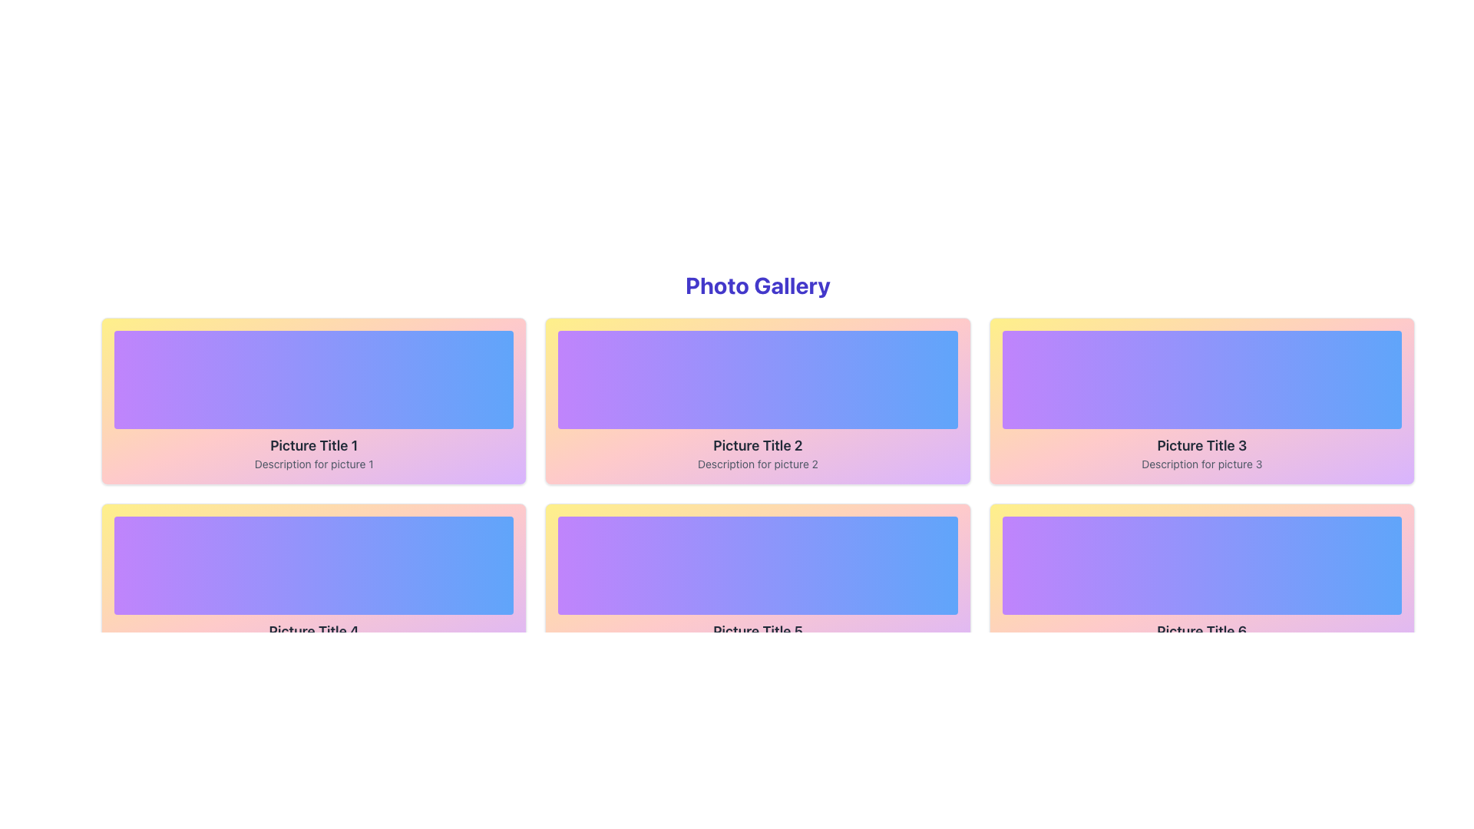 Image resolution: width=1474 pixels, height=829 pixels. What do you see at coordinates (758, 631) in the screenshot?
I see `the text label displaying 'Picture Title 5' located at the bottom center of its card in the grid layout` at bounding box center [758, 631].